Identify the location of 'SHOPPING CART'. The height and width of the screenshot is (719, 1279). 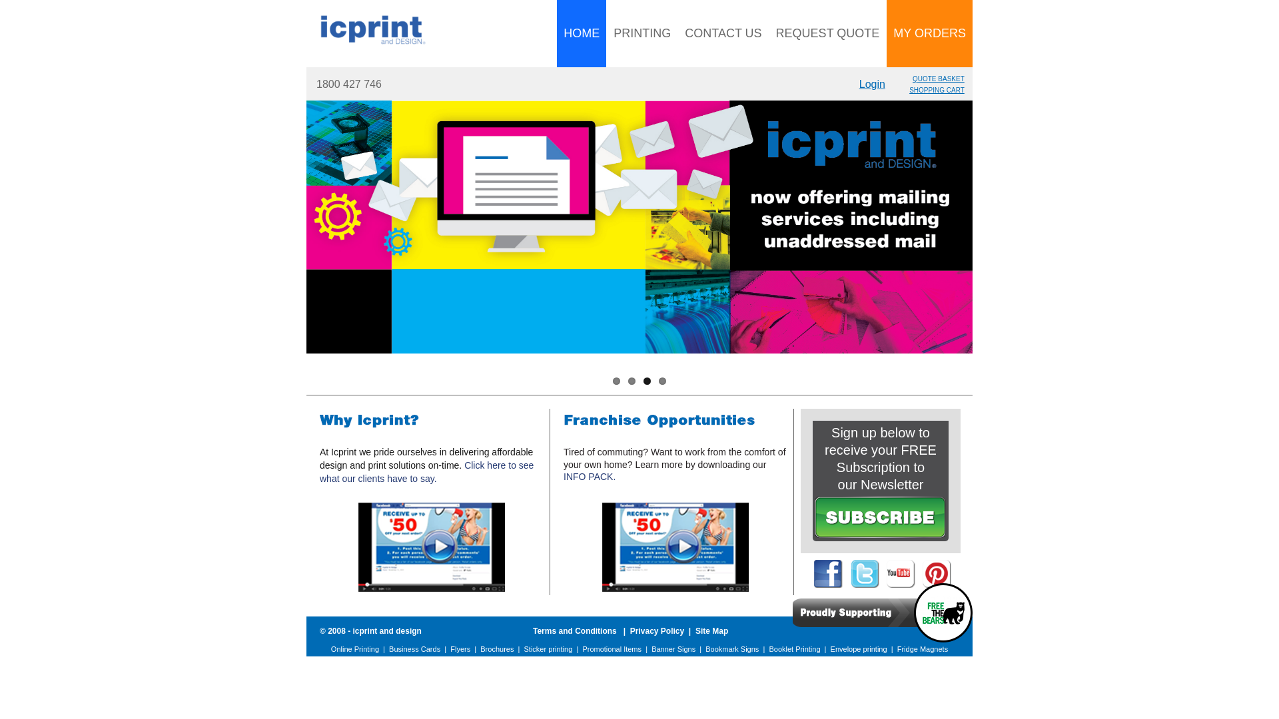
(936, 90).